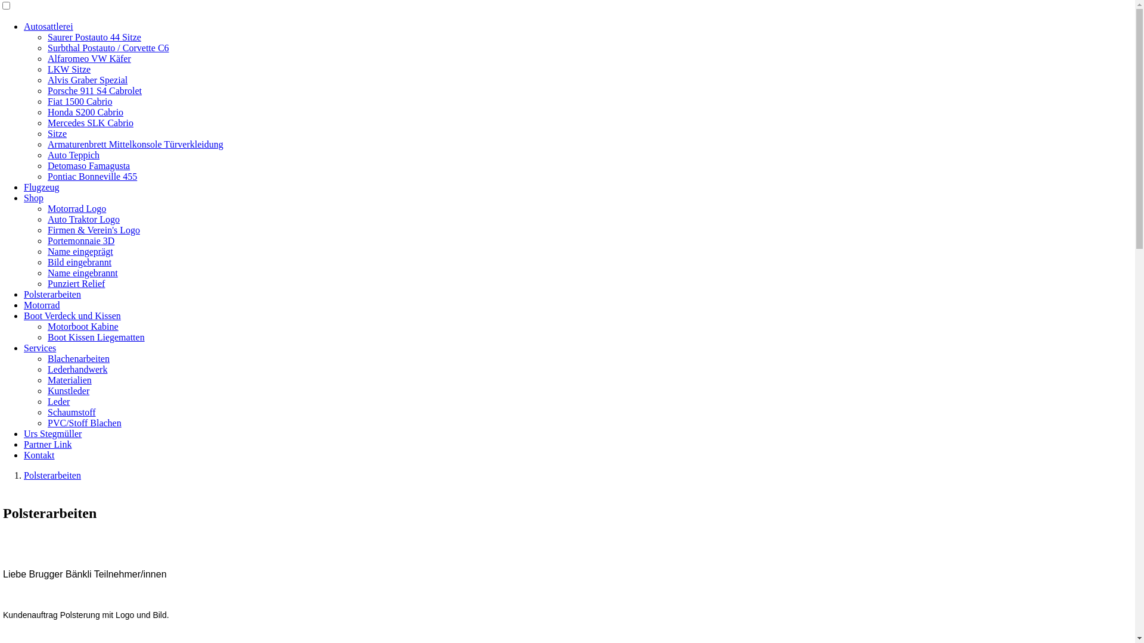 The height and width of the screenshot is (643, 1144). I want to click on 'Firmen & Verein's Logo', so click(93, 230).